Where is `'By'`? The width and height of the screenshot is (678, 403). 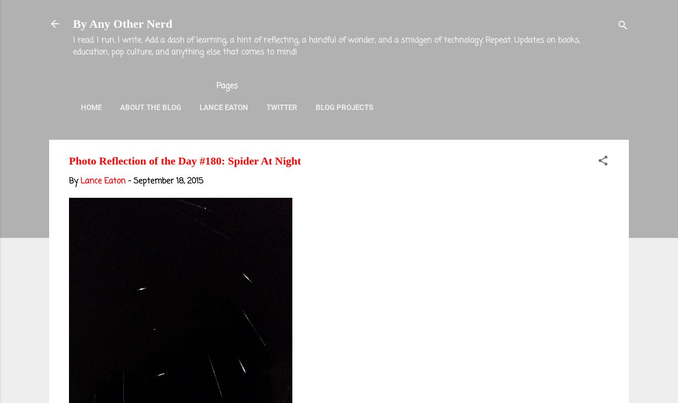
'By' is located at coordinates (74, 181).